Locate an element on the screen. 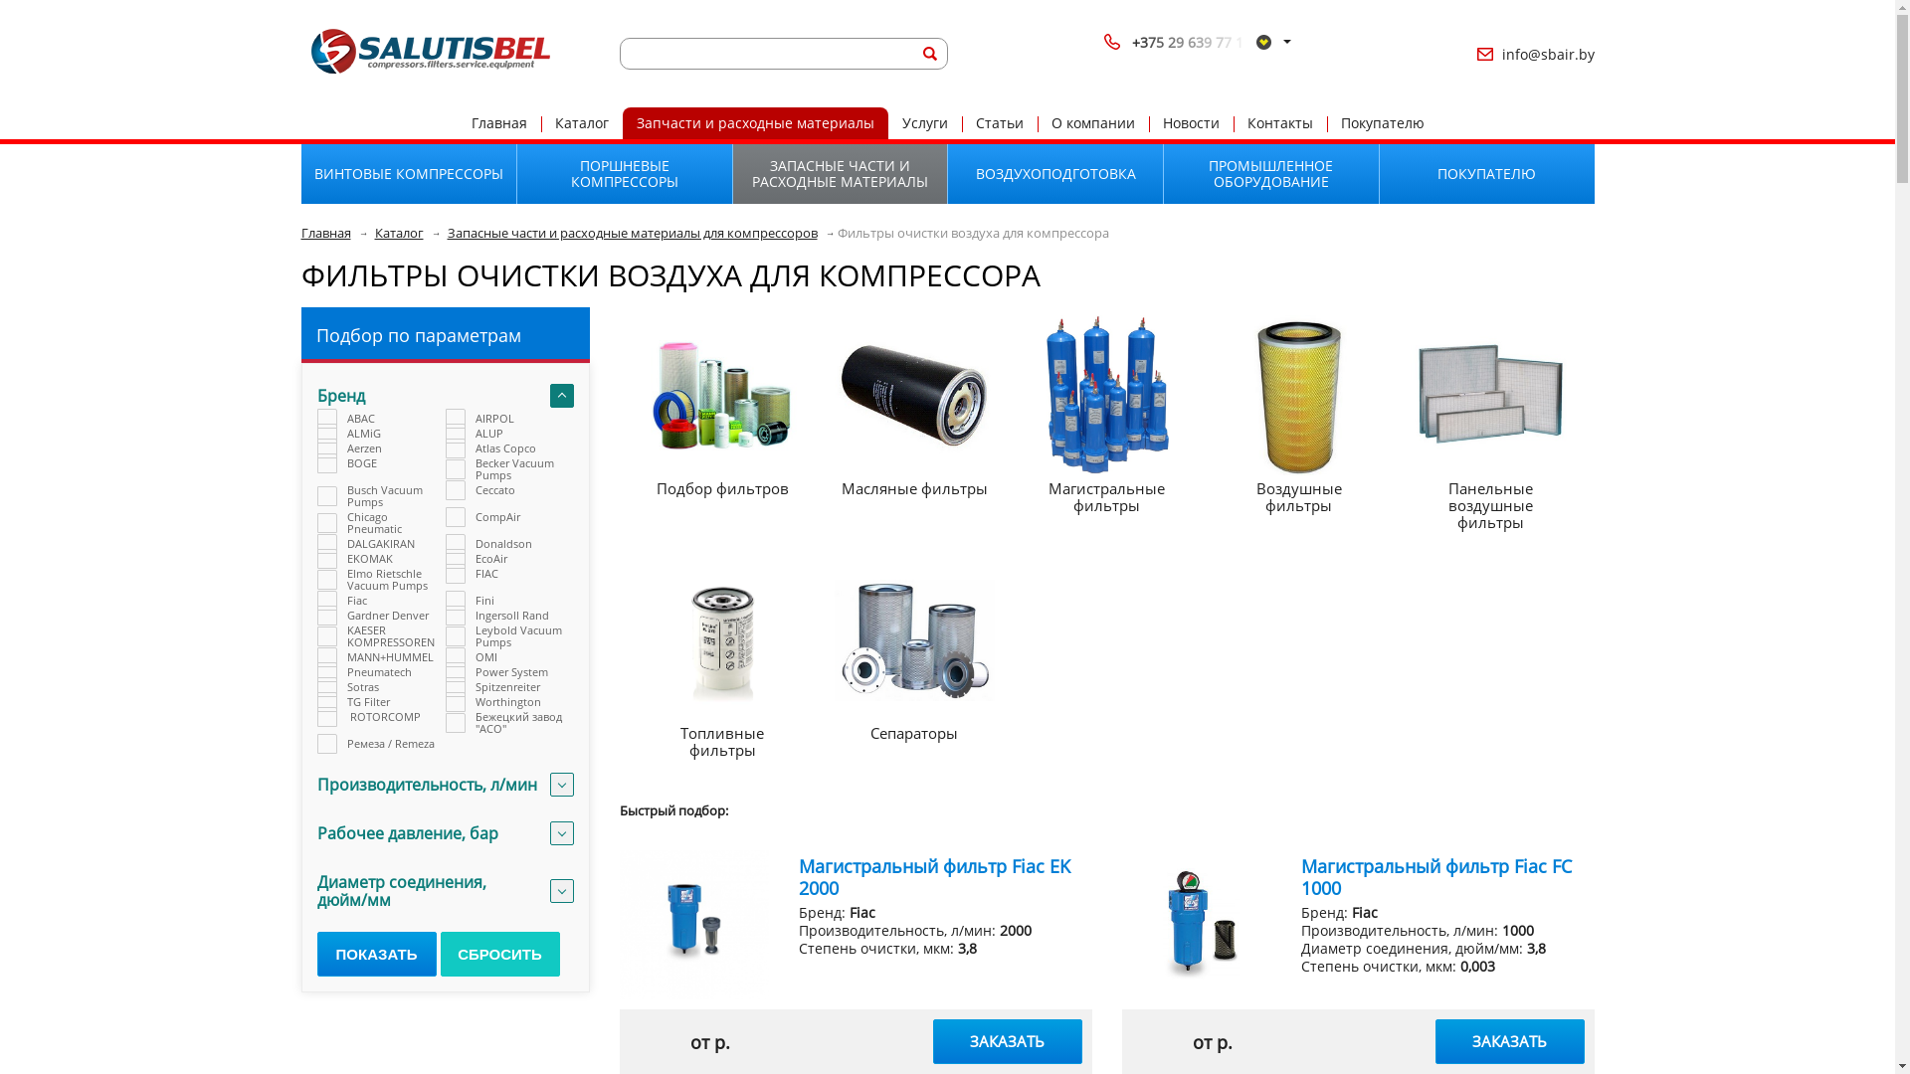 The height and width of the screenshot is (1074, 1910). '+375 29 639 77 1' is located at coordinates (1192, 42).